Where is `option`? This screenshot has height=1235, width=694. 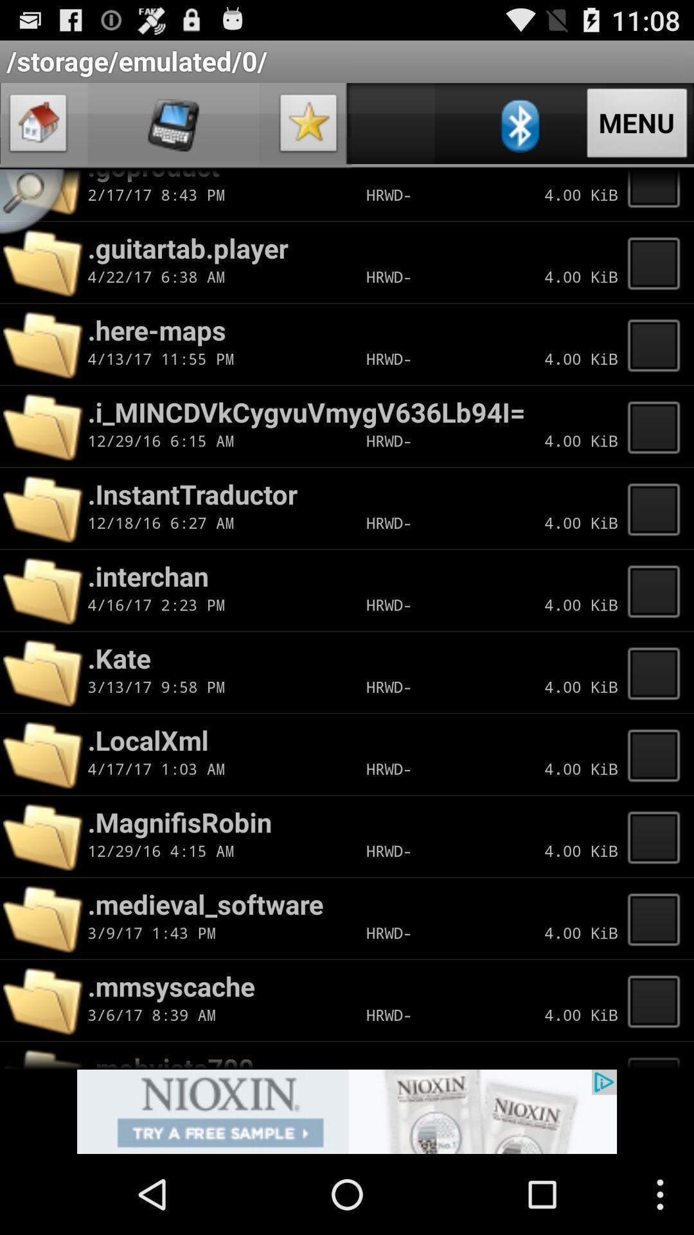
option is located at coordinates (308, 126).